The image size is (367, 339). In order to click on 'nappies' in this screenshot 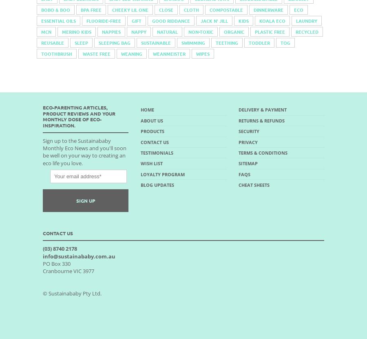, I will do `click(111, 31)`.